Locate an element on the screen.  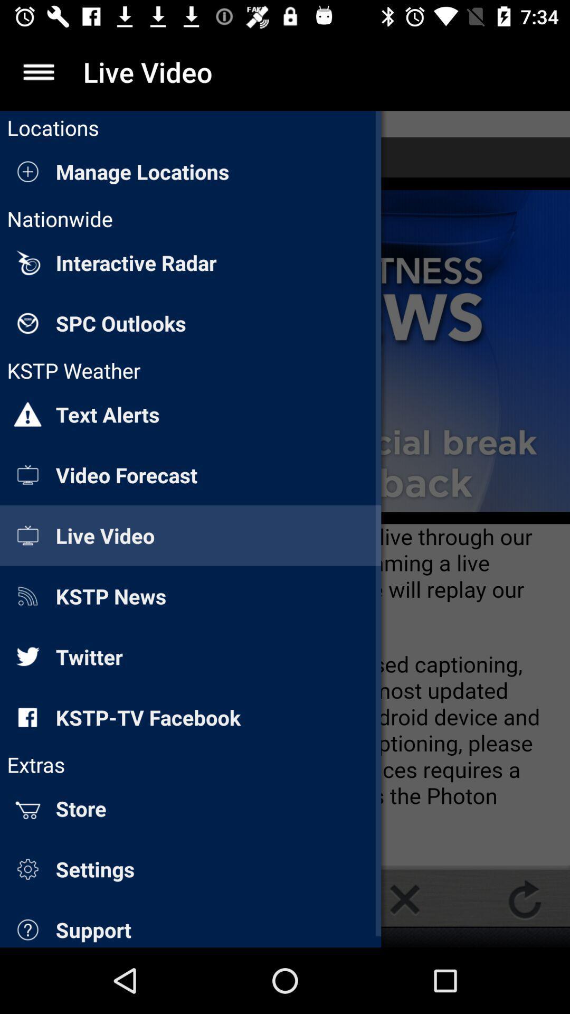
the item to the left of the live video item is located at coordinates (38, 71).